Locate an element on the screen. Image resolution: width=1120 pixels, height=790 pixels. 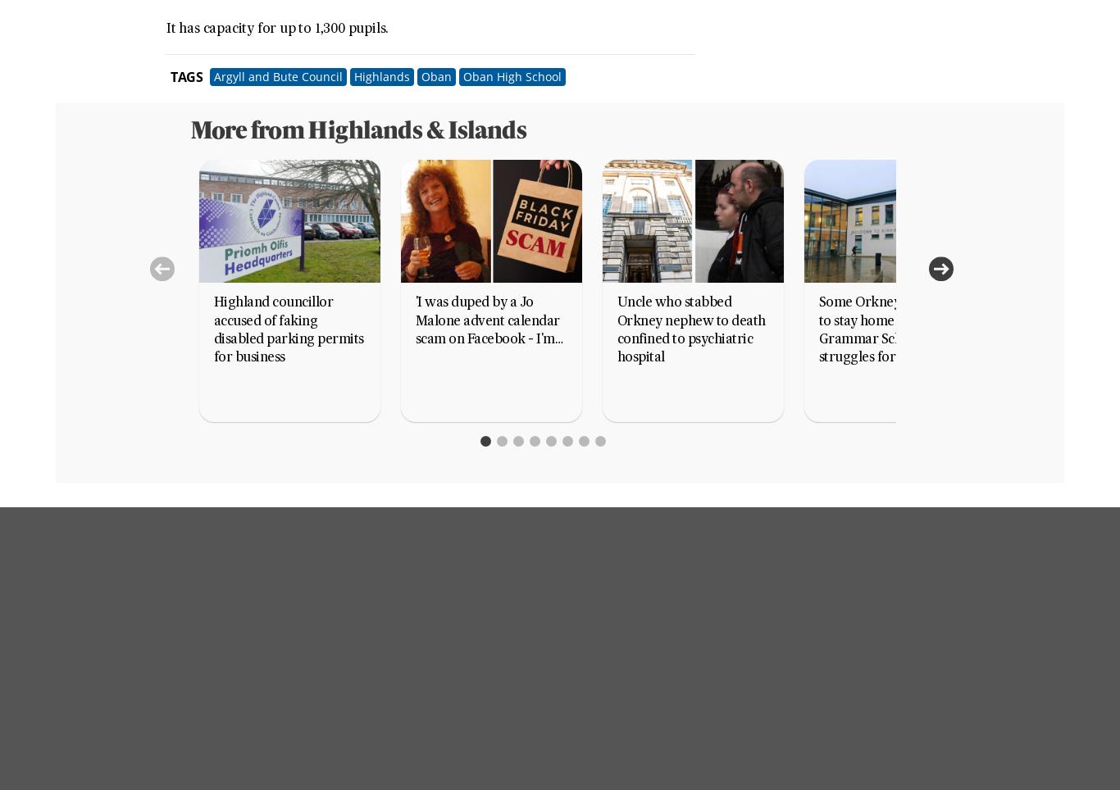
'Energy Voice' is located at coordinates (901, 597).